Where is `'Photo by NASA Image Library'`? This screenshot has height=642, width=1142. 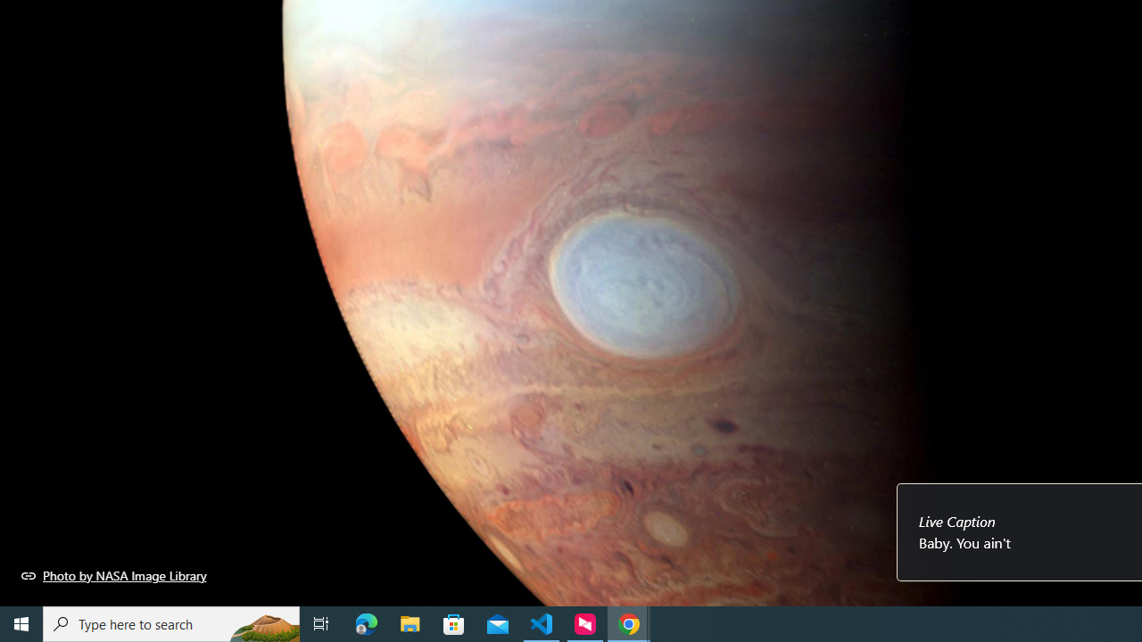 'Photo by NASA Image Library' is located at coordinates (113, 575).